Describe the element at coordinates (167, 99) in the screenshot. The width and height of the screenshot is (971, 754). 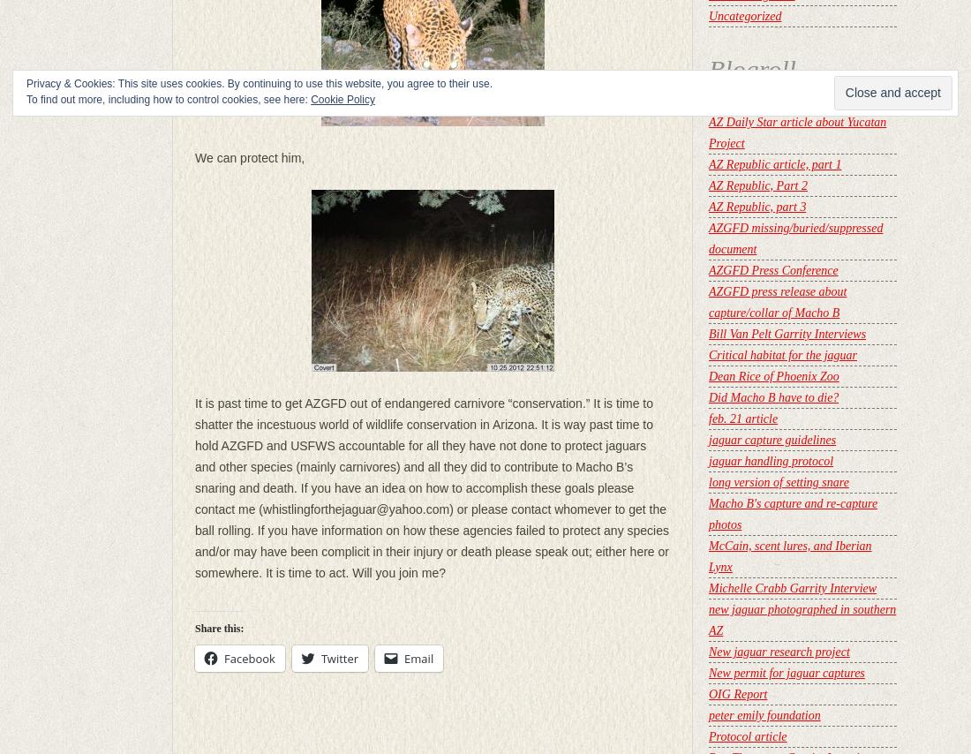
I see `'To find out more, including how to control cookies, see here:'` at that location.